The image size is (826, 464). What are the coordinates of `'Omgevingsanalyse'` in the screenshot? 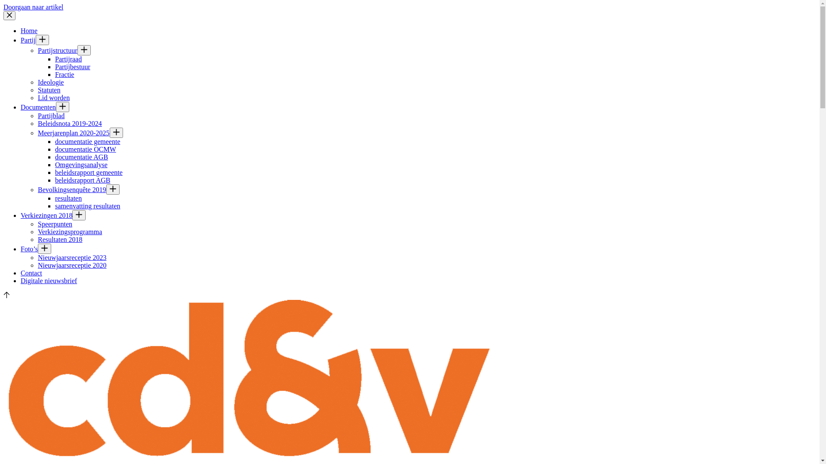 It's located at (81, 165).